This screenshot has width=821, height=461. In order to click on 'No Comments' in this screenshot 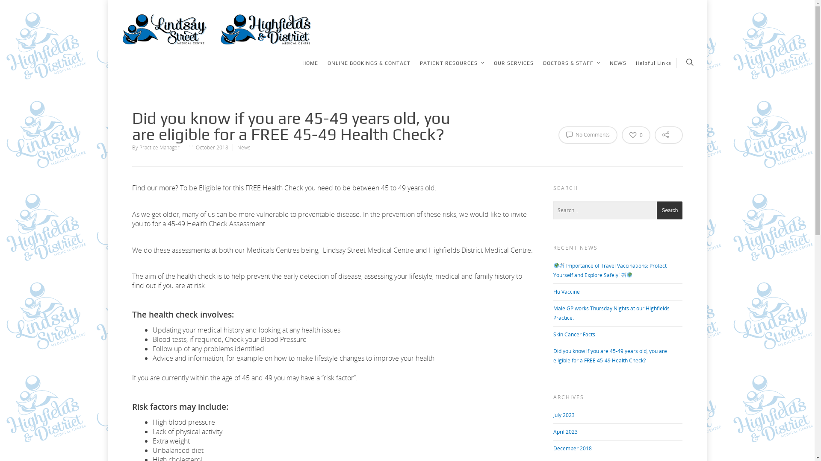, I will do `click(587, 134)`.